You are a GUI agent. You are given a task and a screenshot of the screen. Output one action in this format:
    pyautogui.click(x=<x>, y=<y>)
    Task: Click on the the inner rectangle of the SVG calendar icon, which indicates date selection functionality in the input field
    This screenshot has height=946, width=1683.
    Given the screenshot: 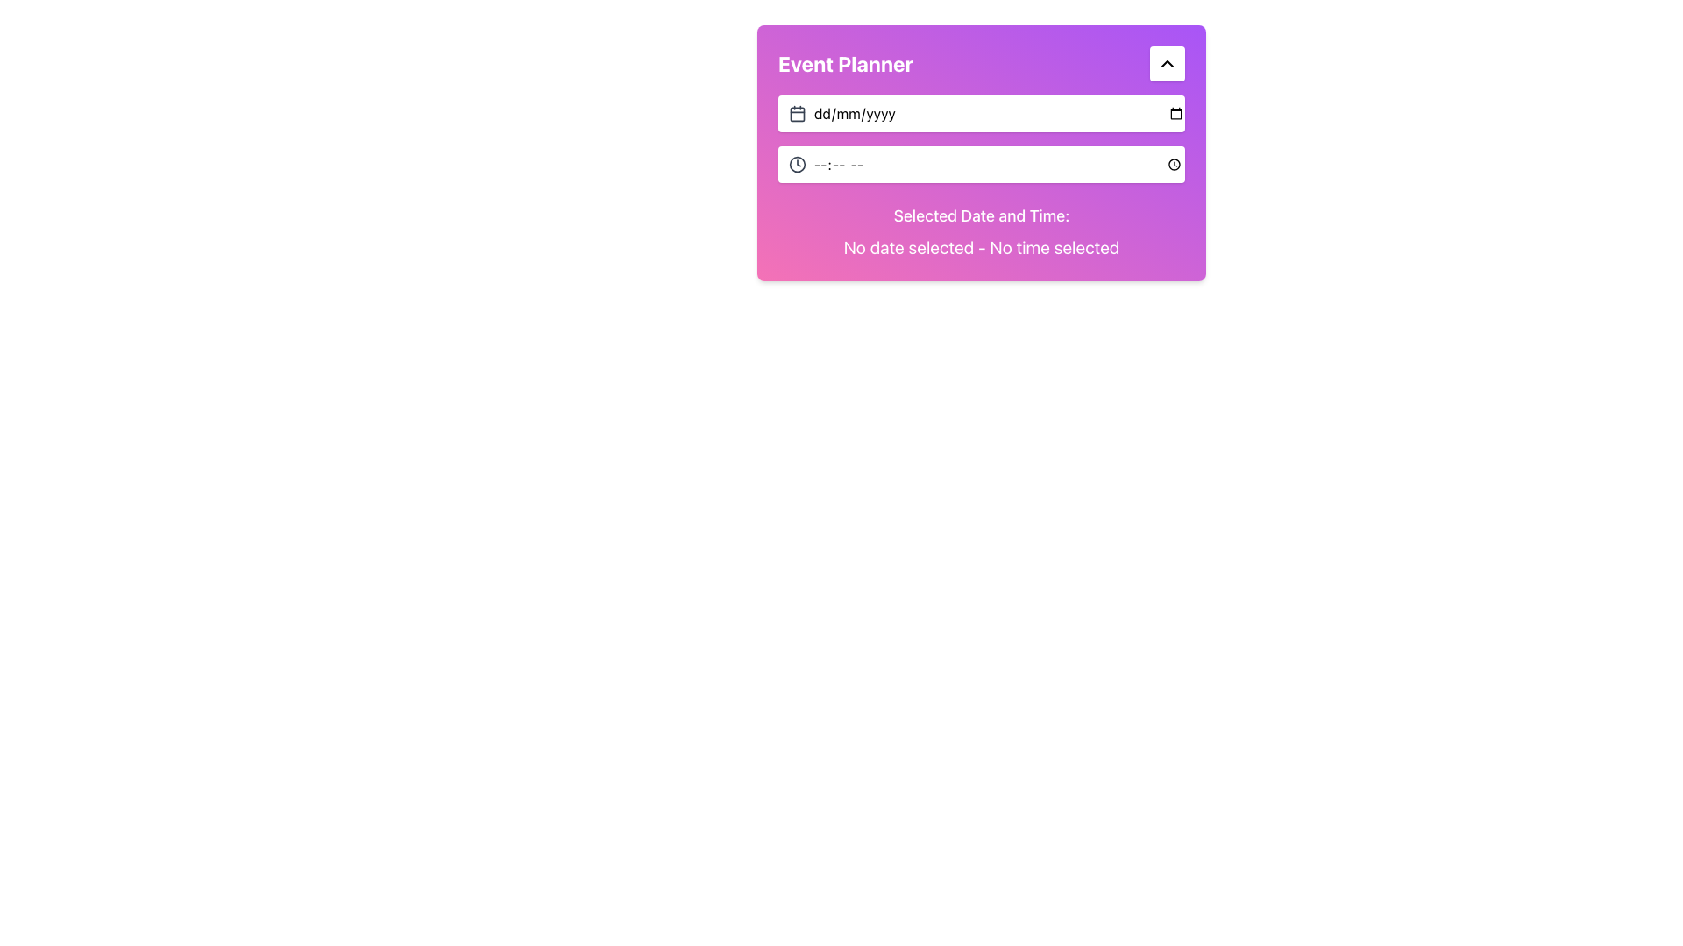 What is the action you would take?
    pyautogui.click(x=797, y=114)
    